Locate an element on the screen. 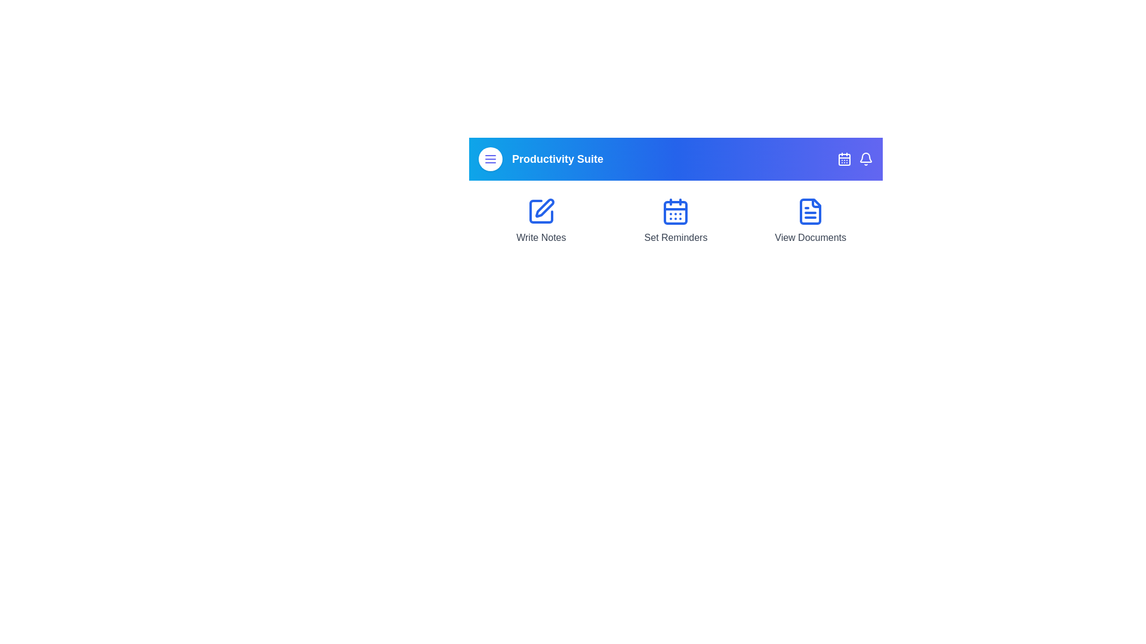 The width and height of the screenshot is (1146, 644). the menu button to toggle the menu visibility is located at coordinates (490, 158).